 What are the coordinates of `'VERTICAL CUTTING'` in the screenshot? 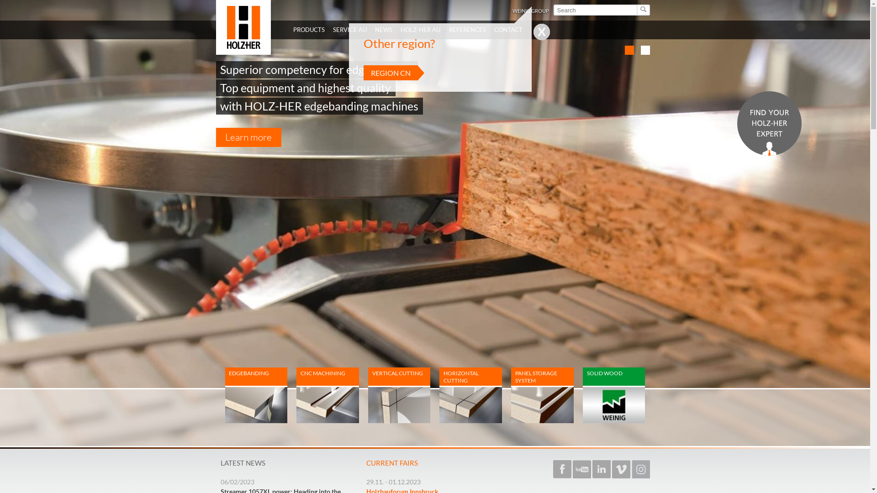 It's located at (399, 395).